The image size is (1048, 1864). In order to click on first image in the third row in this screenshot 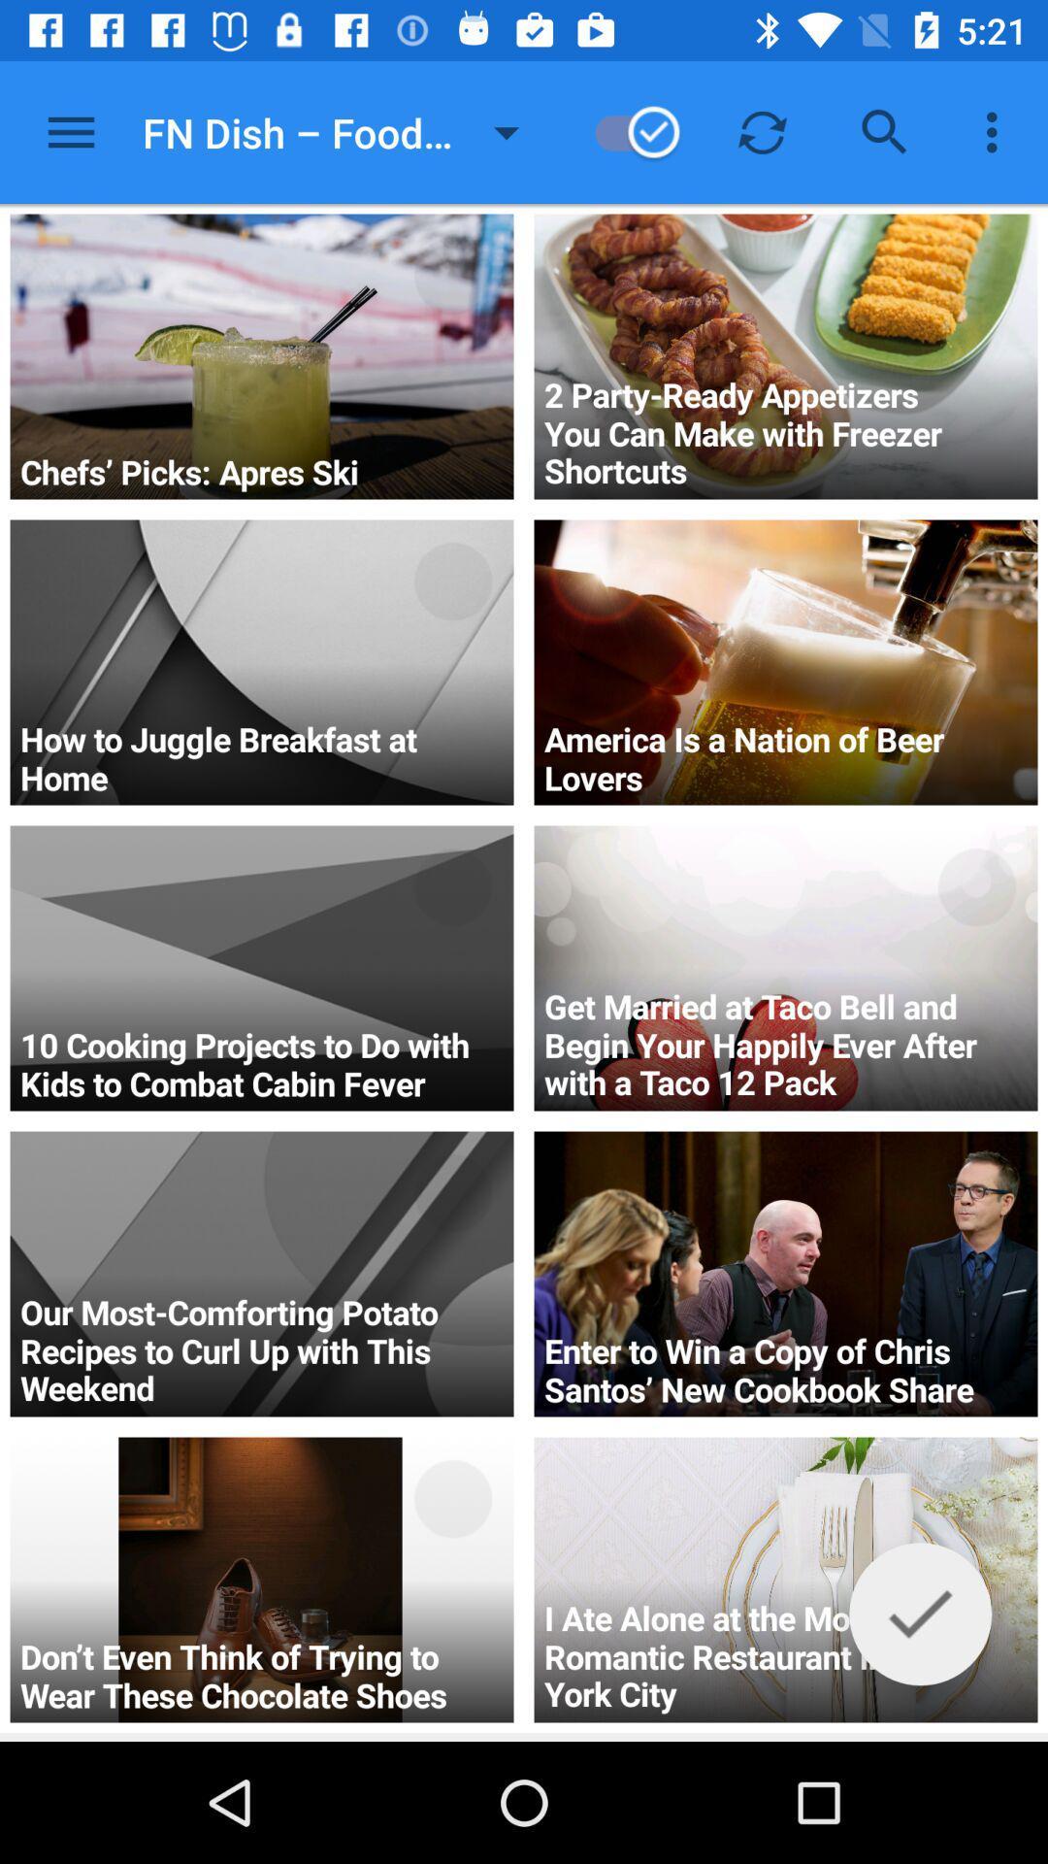, I will do `click(262, 969)`.